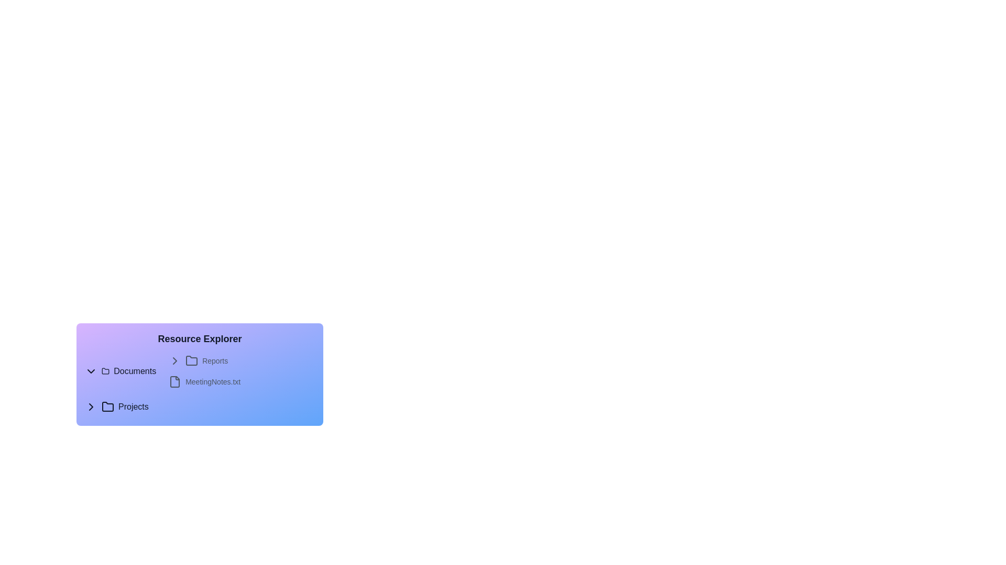 Image resolution: width=1006 pixels, height=565 pixels. I want to click on the first list item representing a folder labeled 'Reports', so click(241, 360).